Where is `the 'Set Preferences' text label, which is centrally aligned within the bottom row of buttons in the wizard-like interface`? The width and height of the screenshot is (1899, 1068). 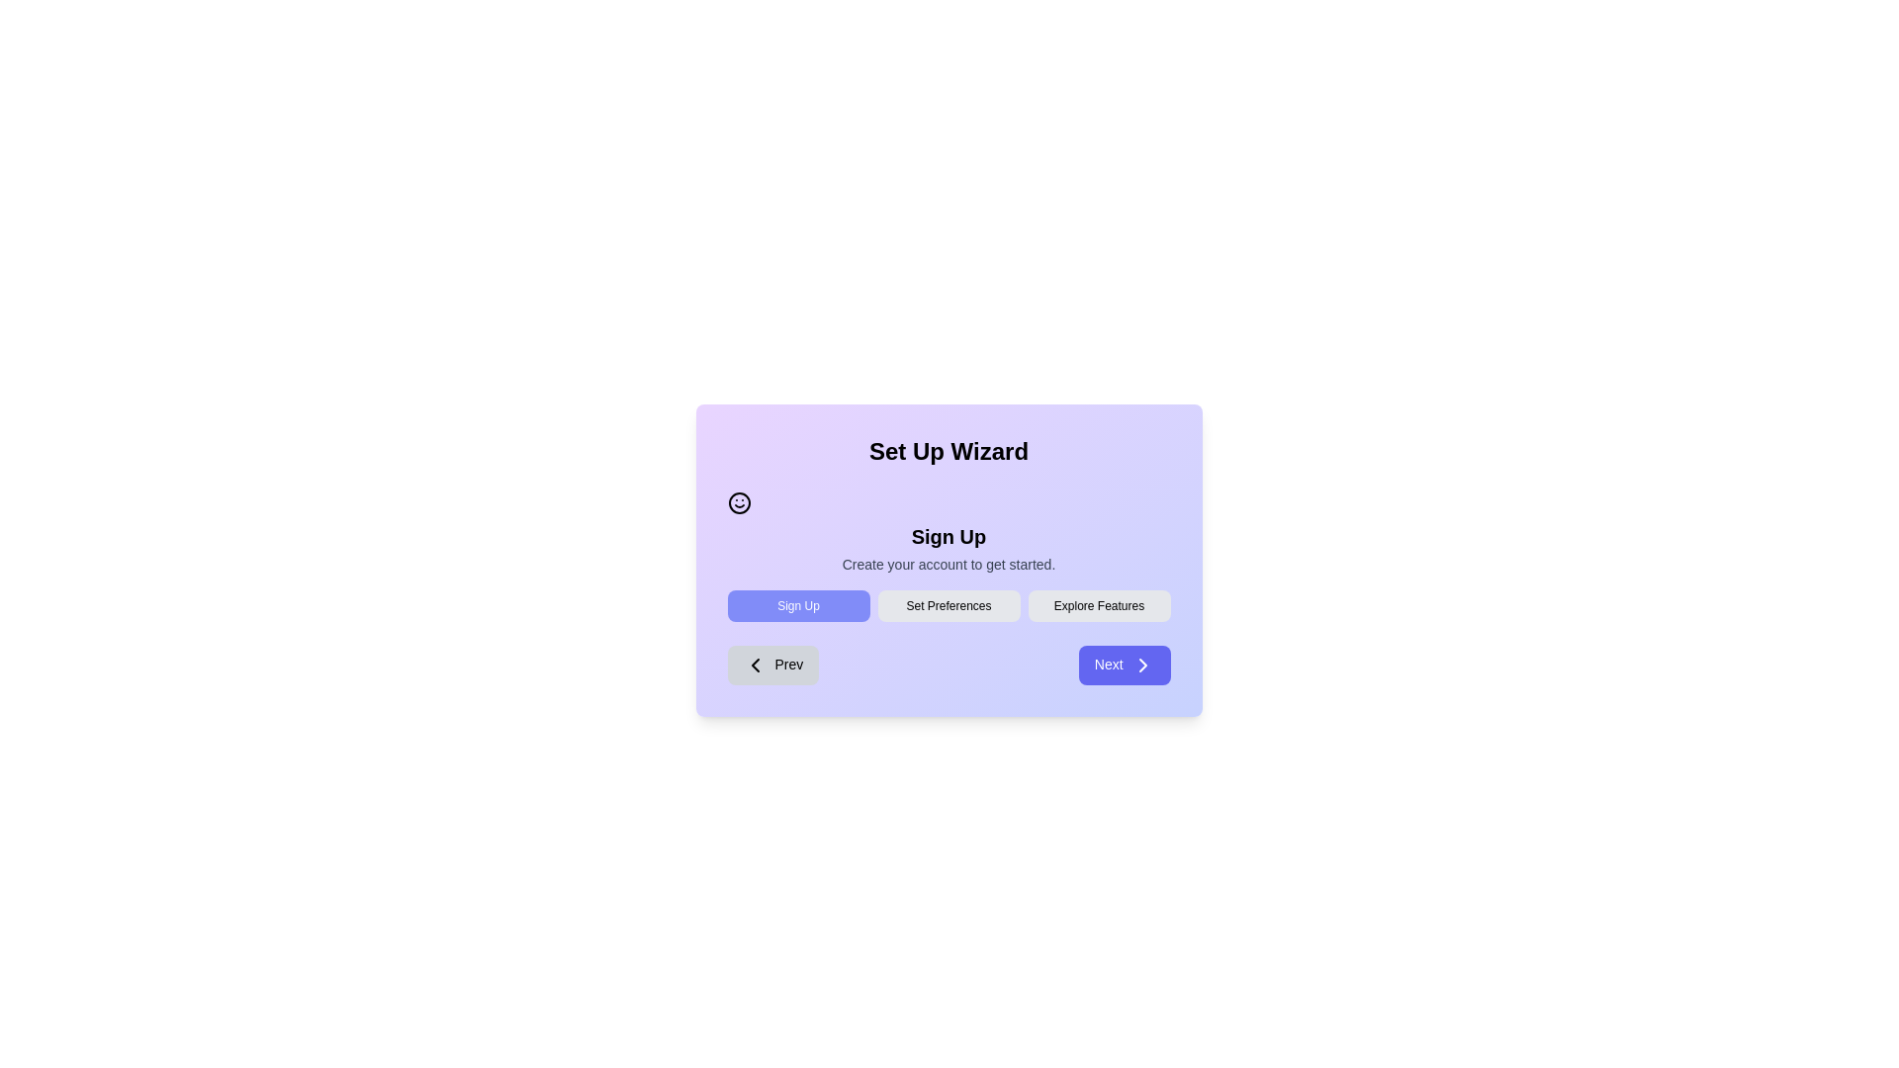
the 'Set Preferences' text label, which is centrally aligned within the bottom row of buttons in the wizard-like interface is located at coordinates (948, 605).